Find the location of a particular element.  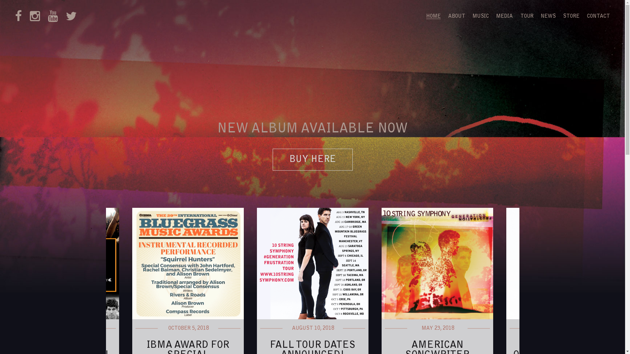

'BUY HERE' is located at coordinates (312, 160).